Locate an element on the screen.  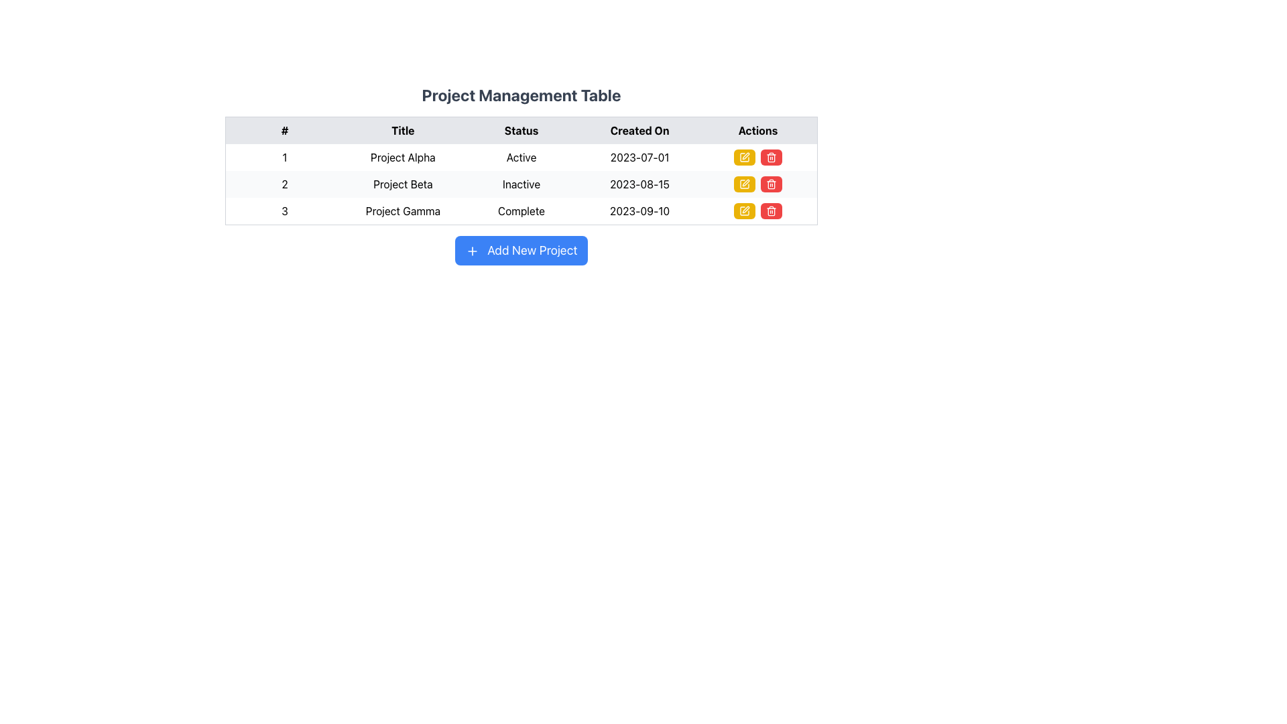
the status indicator text label for 'Project Gamma' located in the third row and third column of the table is located at coordinates (520, 211).